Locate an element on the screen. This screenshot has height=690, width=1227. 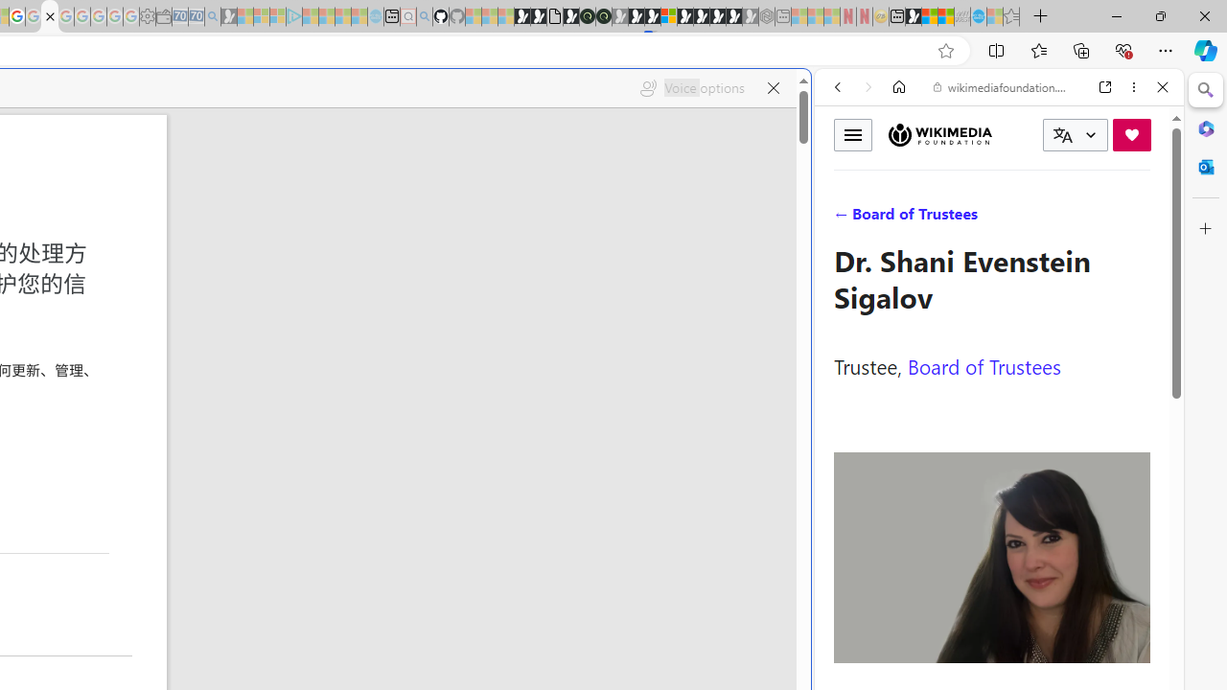
'Voice options' is located at coordinates (690, 88).